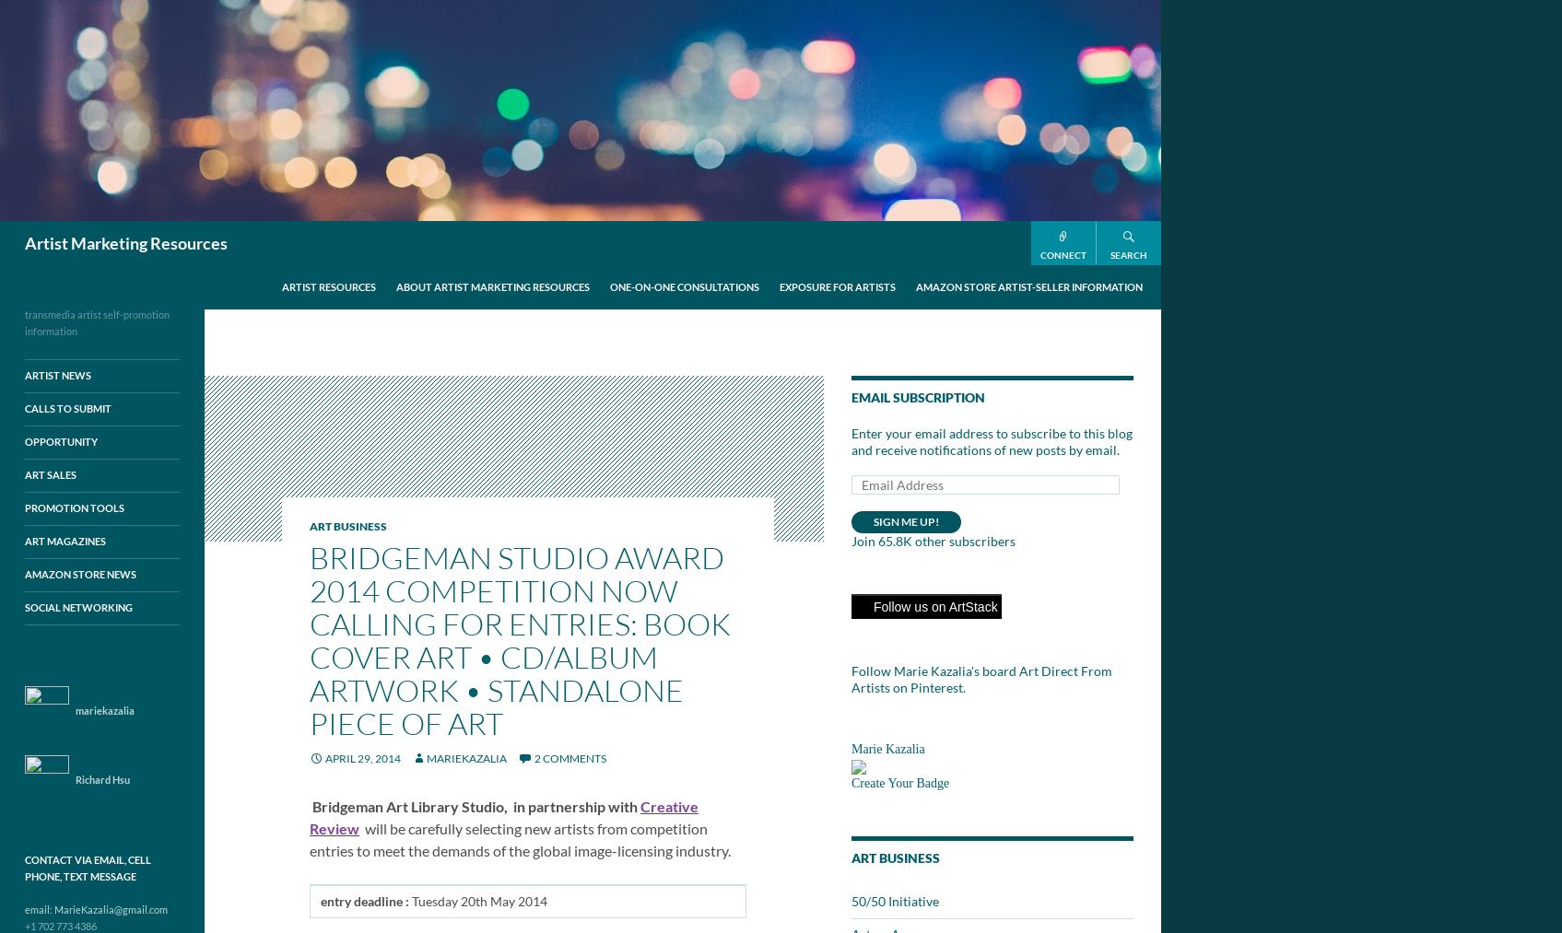 The image size is (1562, 933). I want to click on 'Follow us on ArtStack', so click(934, 605).